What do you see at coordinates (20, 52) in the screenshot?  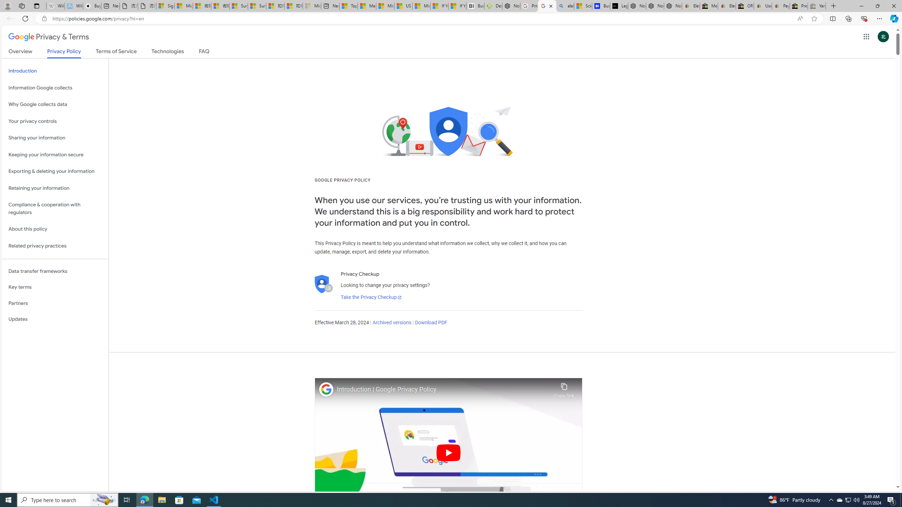 I see `'Overview'` at bounding box center [20, 52].